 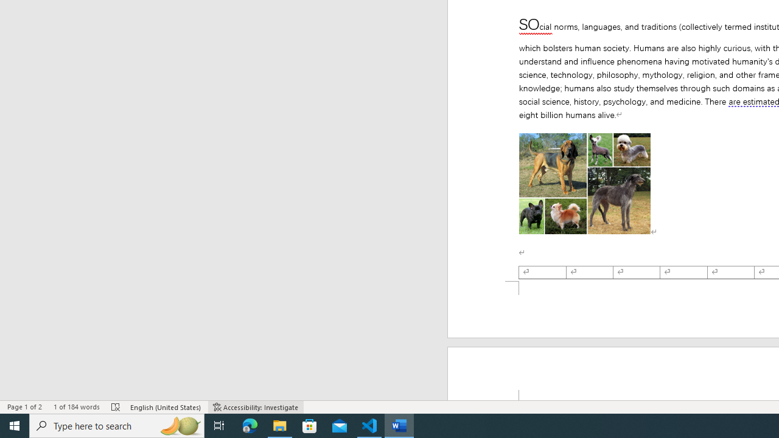 I want to click on 'Page Number Page 1 of 2', so click(x=24, y=407).